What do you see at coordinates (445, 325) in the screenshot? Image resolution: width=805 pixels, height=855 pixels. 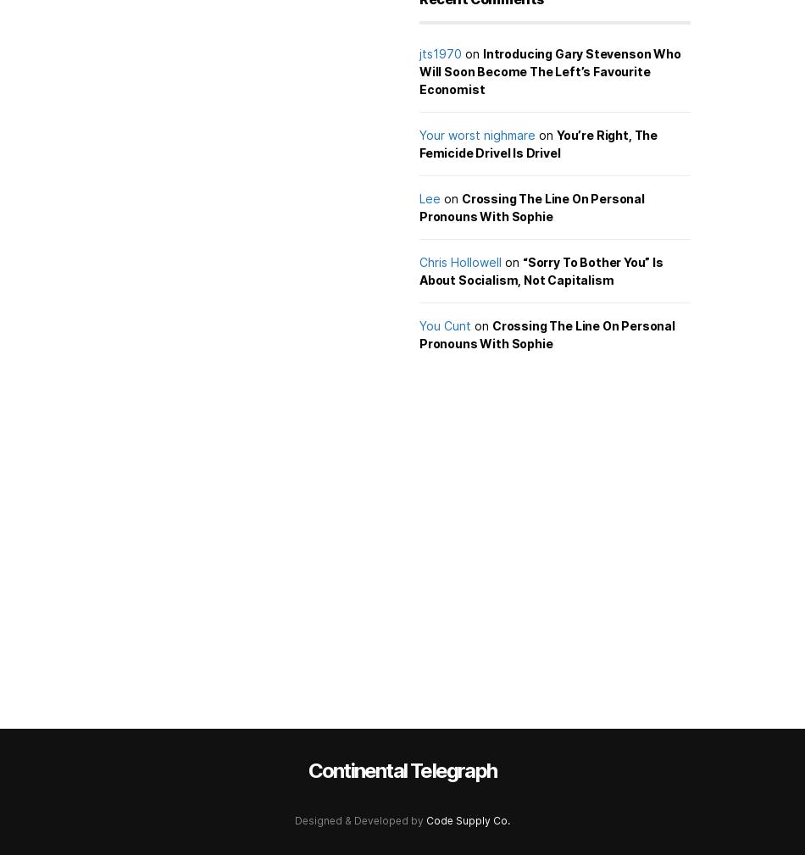 I see `'You Cunt'` at bounding box center [445, 325].